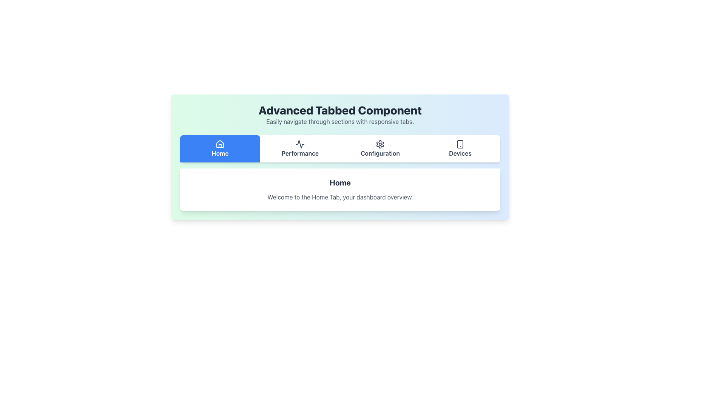  What do you see at coordinates (300, 153) in the screenshot?
I see `the 'Performance' tab label located in the navigation bar, which is the second item from the left and positioned between the 'Home' and 'Configuration' tabs` at bounding box center [300, 153].